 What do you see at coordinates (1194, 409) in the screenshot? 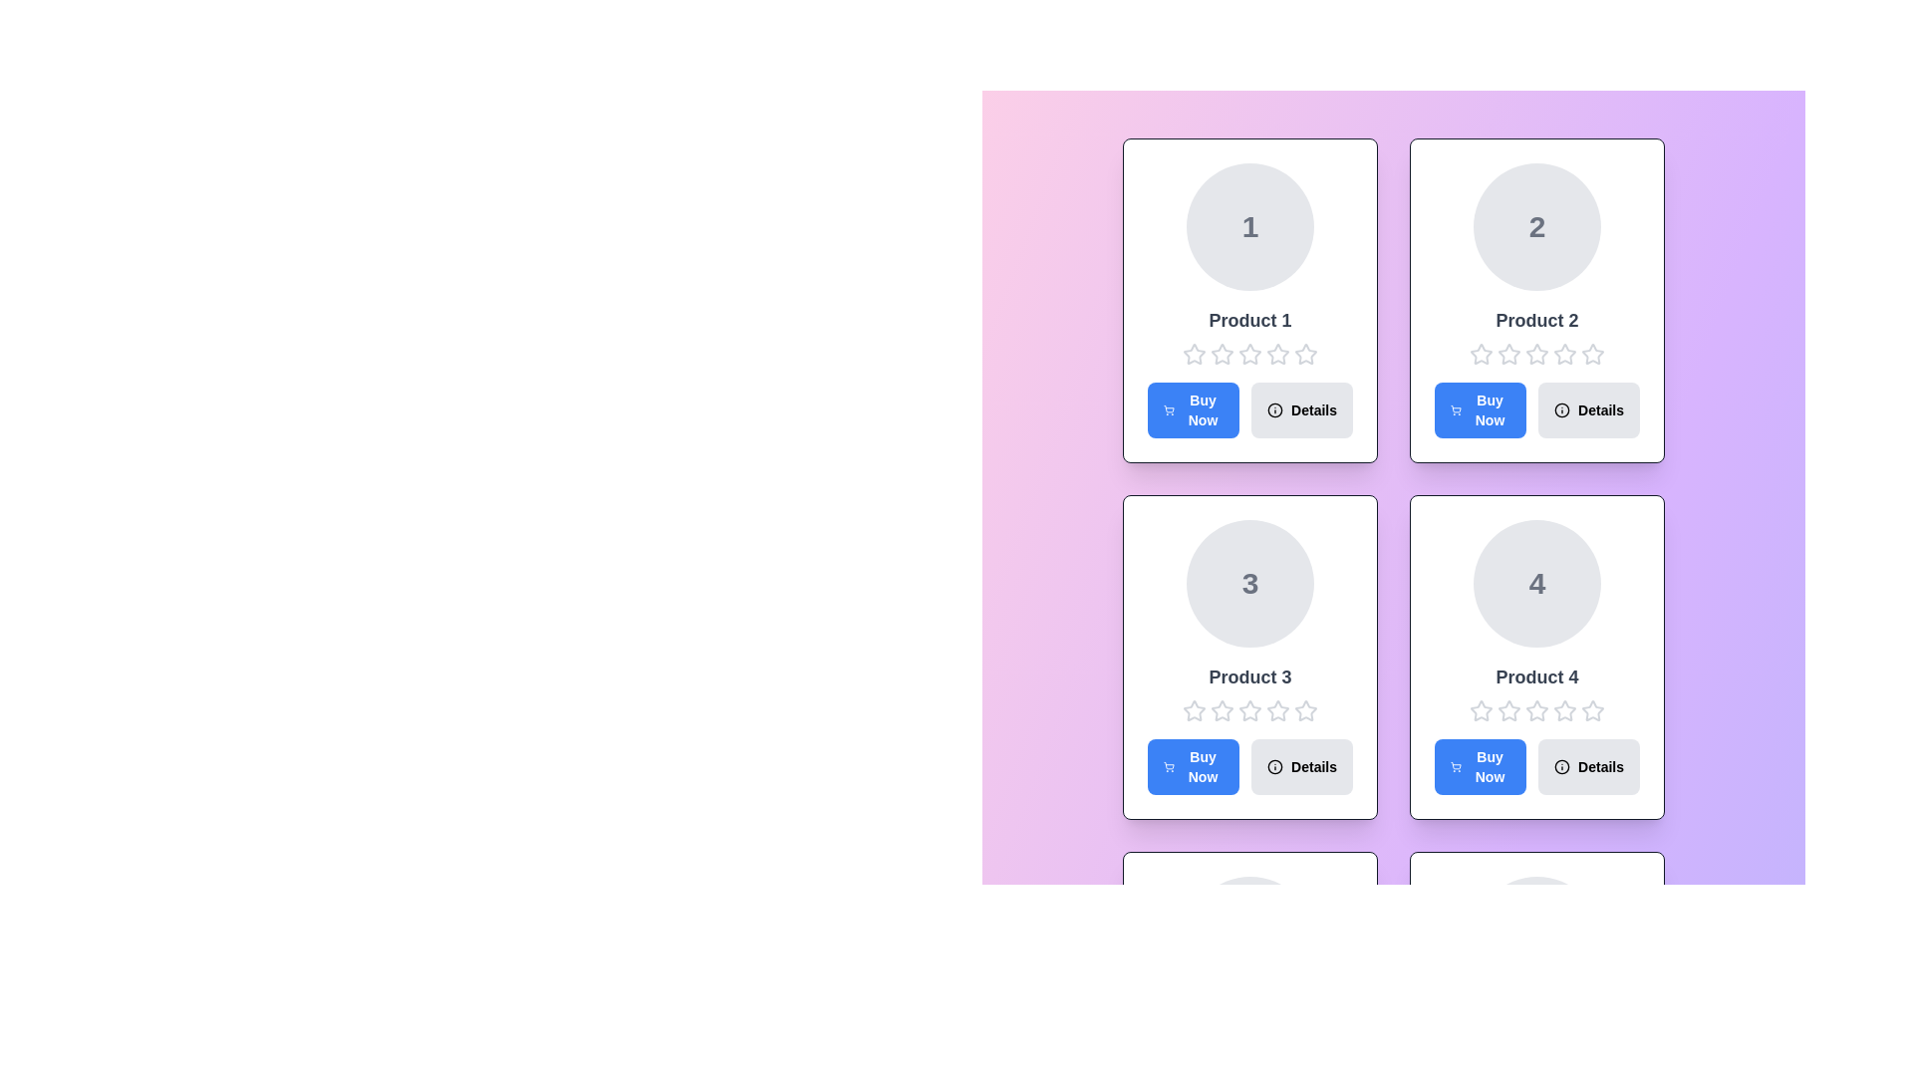
I see `the 'Buy Now' button for the first product` at bounding box center [1194, 409].